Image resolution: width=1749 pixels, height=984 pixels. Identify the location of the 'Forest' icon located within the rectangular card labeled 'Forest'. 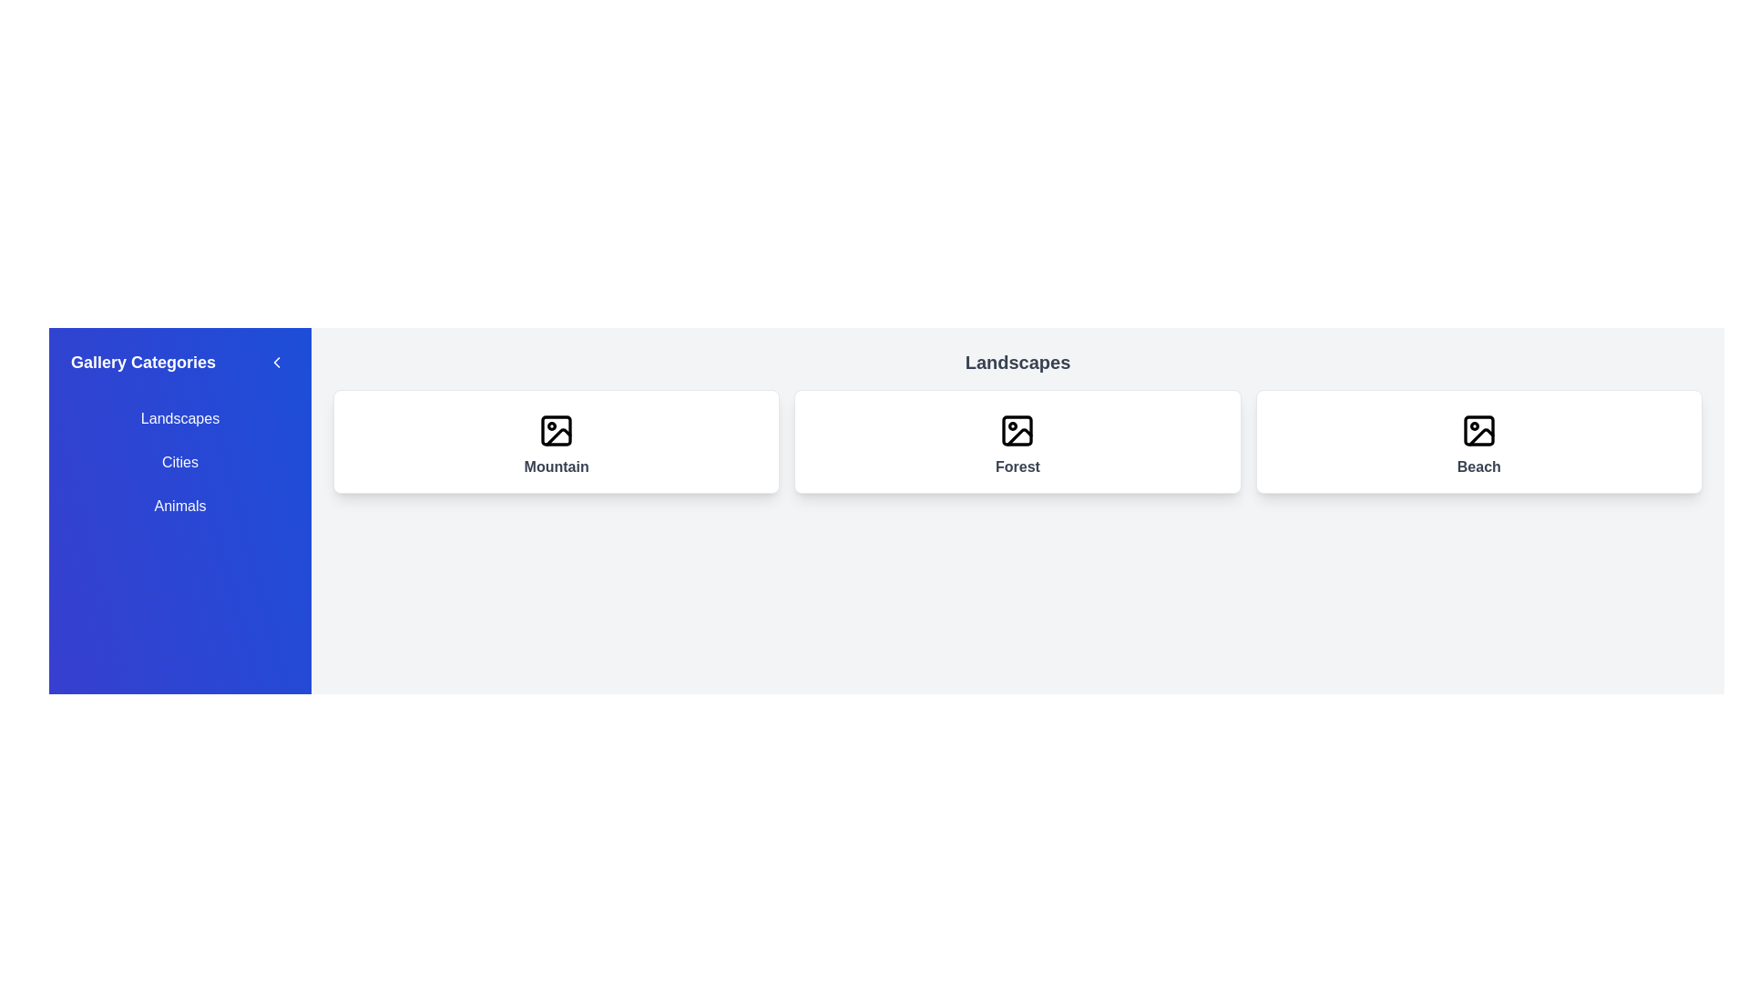
(1017, 431).